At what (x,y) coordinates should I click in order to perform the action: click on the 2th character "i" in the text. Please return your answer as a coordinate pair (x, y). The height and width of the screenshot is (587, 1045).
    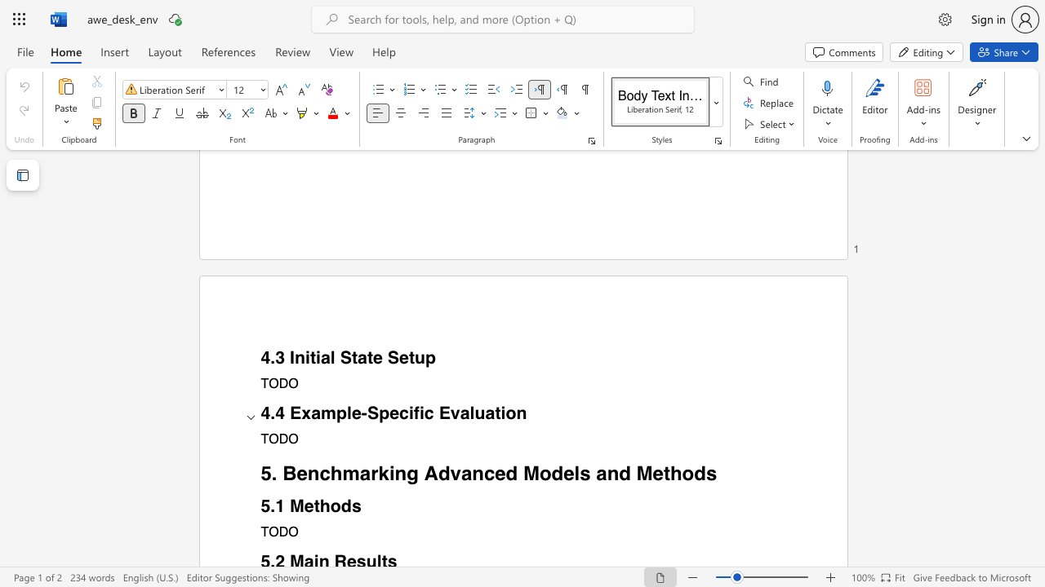
    Looking at the image, I should click on (318, 357).